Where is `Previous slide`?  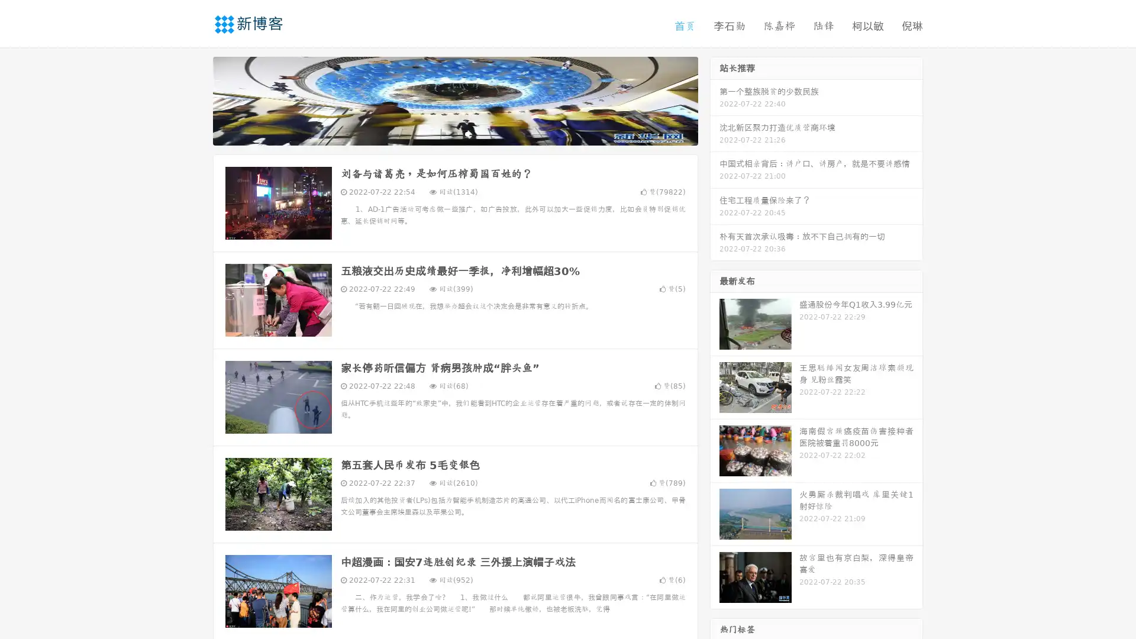
Previous slide is located at coordinates (195, 99).